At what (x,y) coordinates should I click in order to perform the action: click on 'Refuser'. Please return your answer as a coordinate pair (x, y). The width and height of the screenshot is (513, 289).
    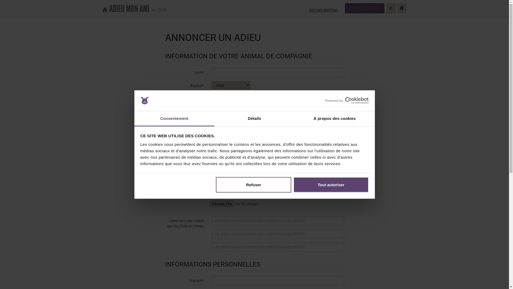
    Looking at the image, I should click on (253, 184).